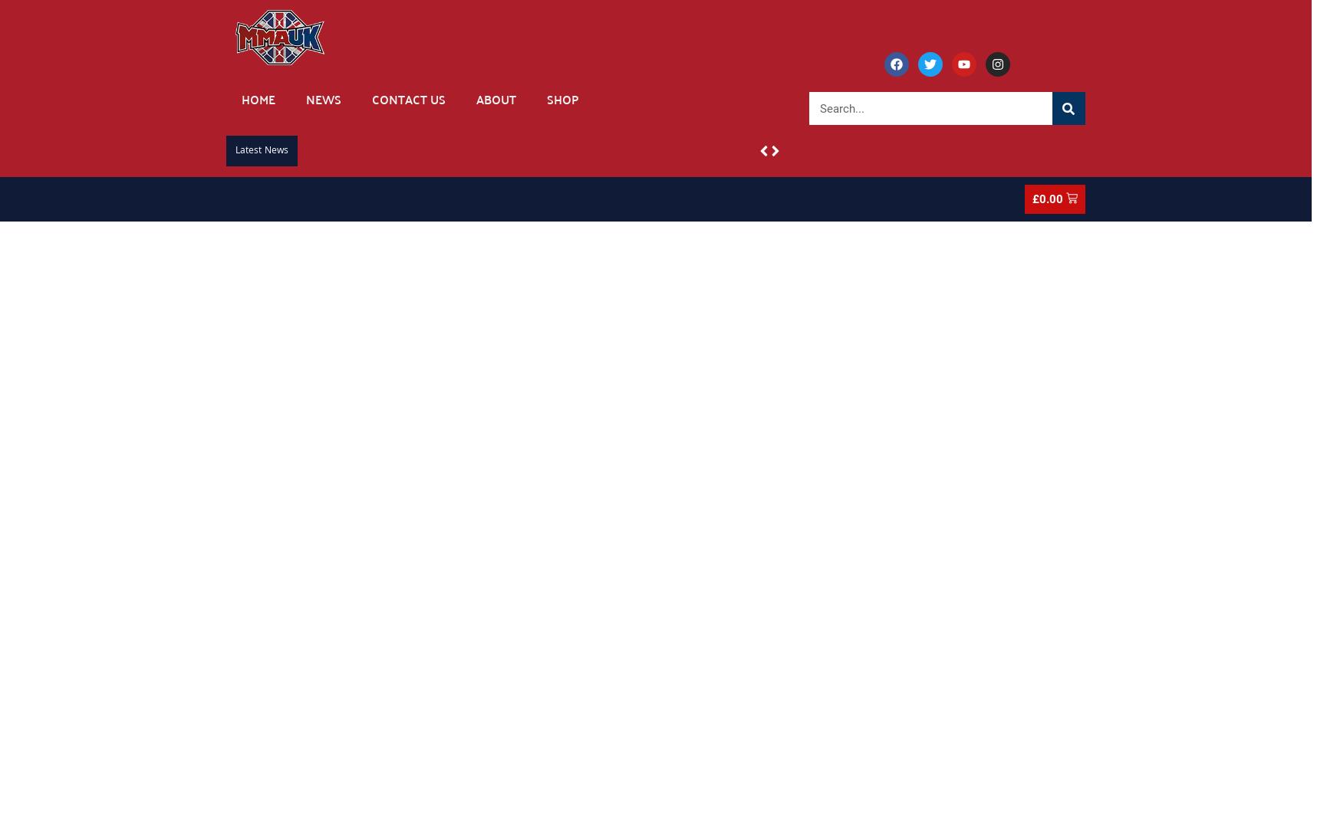 The image size is (1327, 821). What do you see at coordinates (913, 147) in the screenshot?
I see `'Cage Warriors 162: Rome – Weigh-in Results'` at bounding box center [913, 147].